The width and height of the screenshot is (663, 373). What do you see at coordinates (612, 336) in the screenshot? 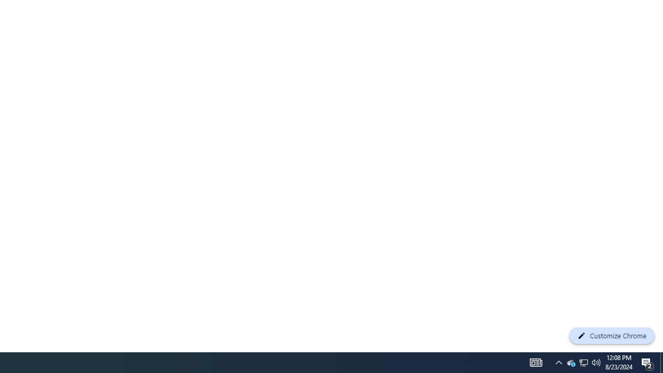
I see `'Customize Chrome'` at bounding box center [612, 336].